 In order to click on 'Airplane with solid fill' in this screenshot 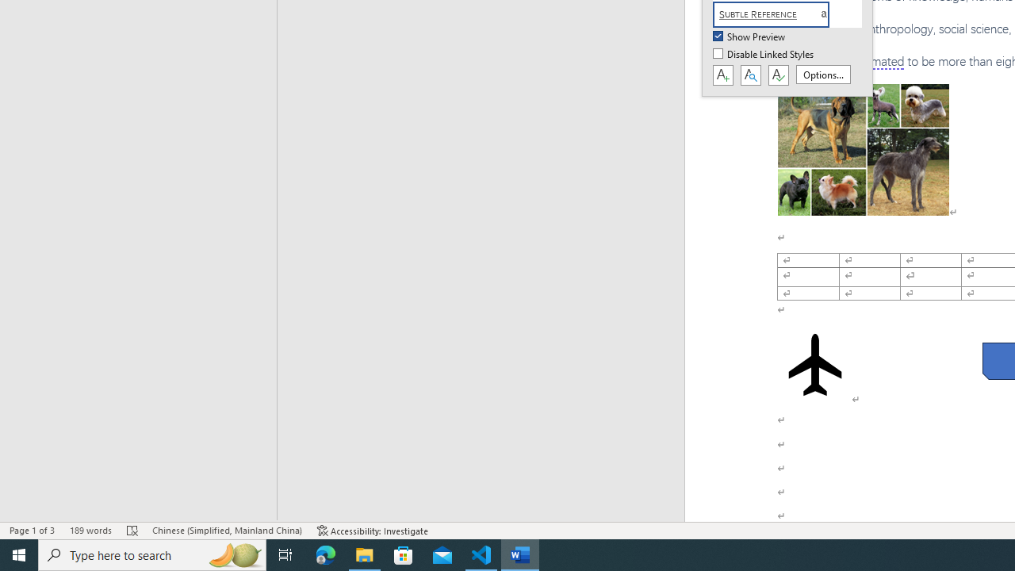, I will do `click(814, 365)`.